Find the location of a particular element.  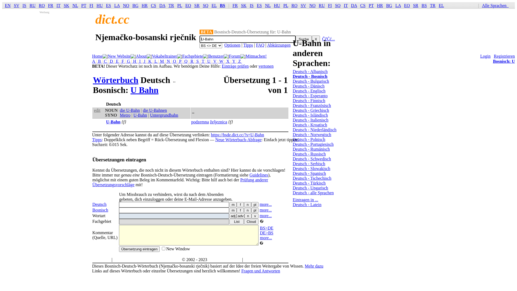

'n' is located at coordinates (244, 205).